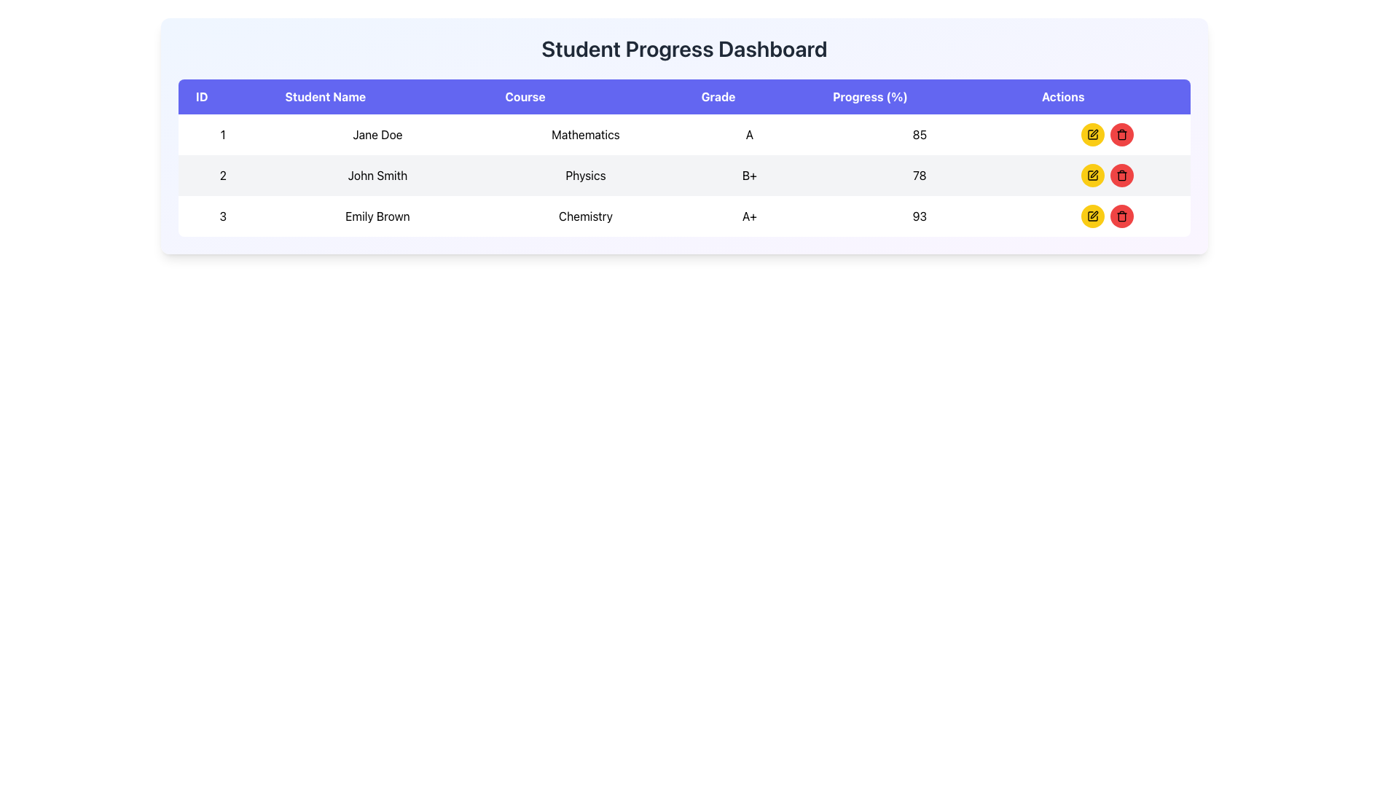  I want to click on grade 'A' displayed under the 'Grade' column for the student 'Jane Doe' in the Mathematics course, so click(749, 135).